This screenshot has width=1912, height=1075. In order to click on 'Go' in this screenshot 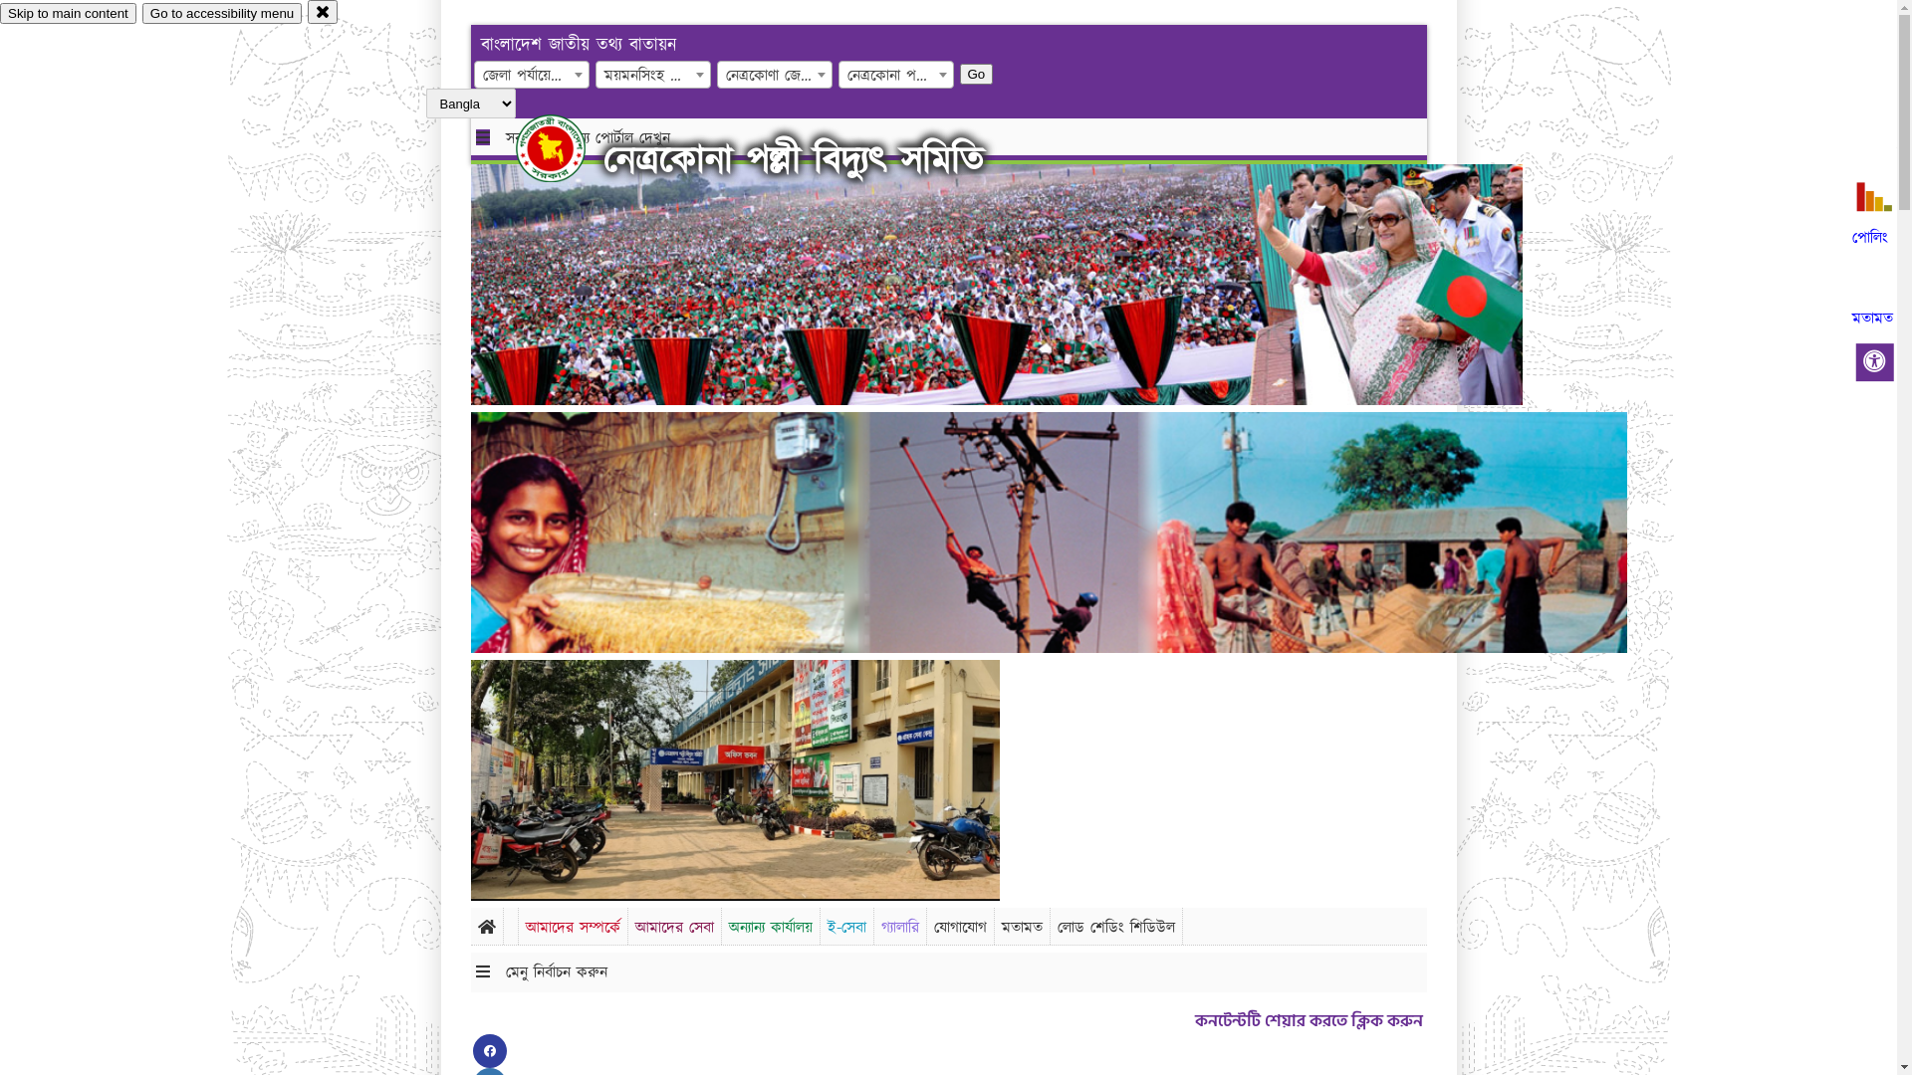, I will do `click(976, 73)`.